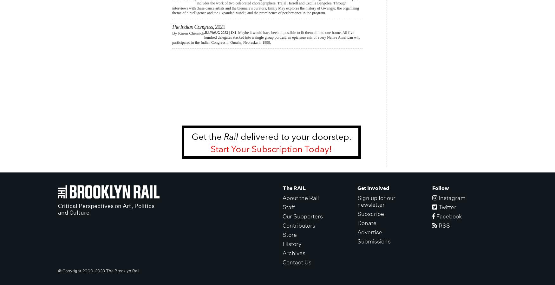 Image resolution: width=555 pixels, height=285 pixels. I want to click on '© Copyright 2000-2023 The Brooklyn Rail', so click(98, 270).